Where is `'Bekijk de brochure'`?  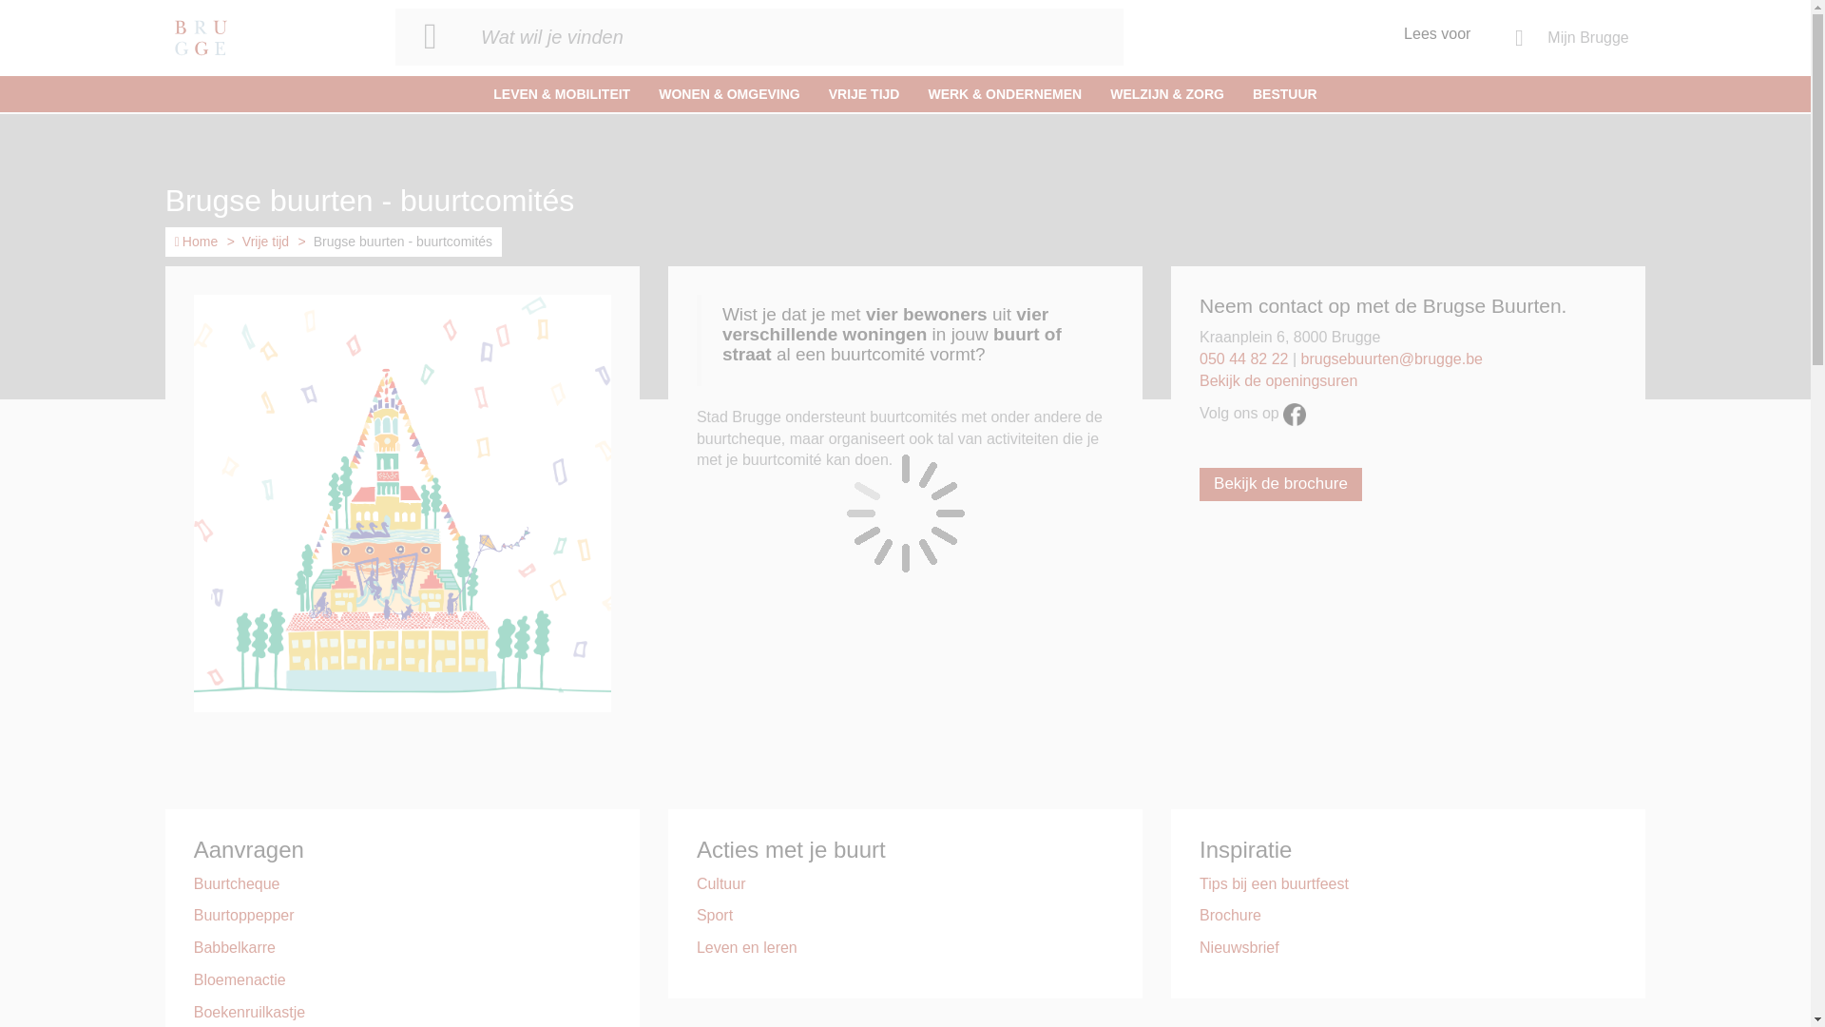 'Bekijk de brochure' is located at coordinates (1280, 483).